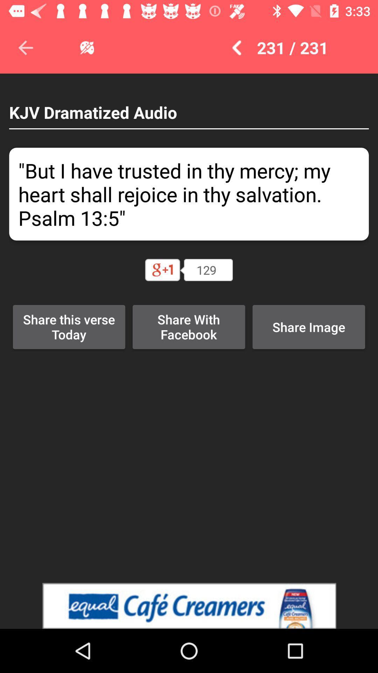 Image resolution: width=378 pixels, height=673 pixels. Describe the element at coordinates (25, 47) in the screenshot. I see `go back` at that location.